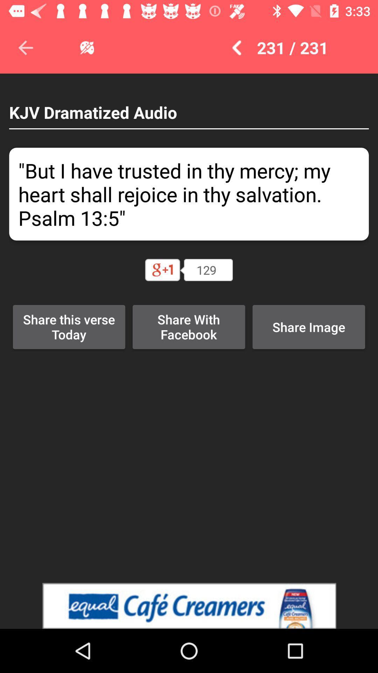 Image resolution: width=378 pixels, height=673 pixels. Describe the element at coordinates (25, 47) in the screenshot. I see `go back` at that location.